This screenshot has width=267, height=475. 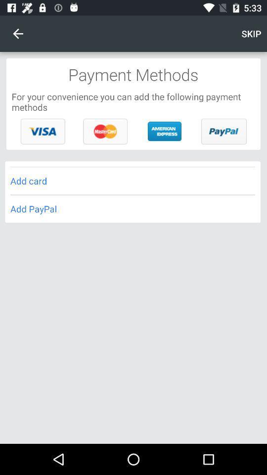 What do you see at coordinates (251, 34) in the screenshot?
I see `item above payment methods` at bounding box center [251, 34].